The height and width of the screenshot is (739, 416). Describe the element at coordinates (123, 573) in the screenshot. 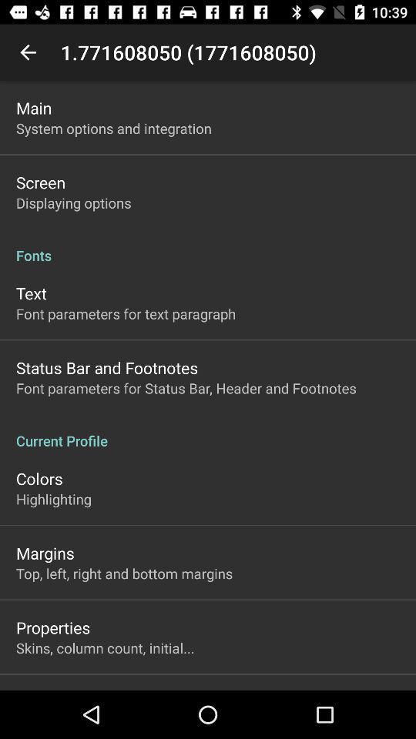

I see `icon below the margins item` at that location.